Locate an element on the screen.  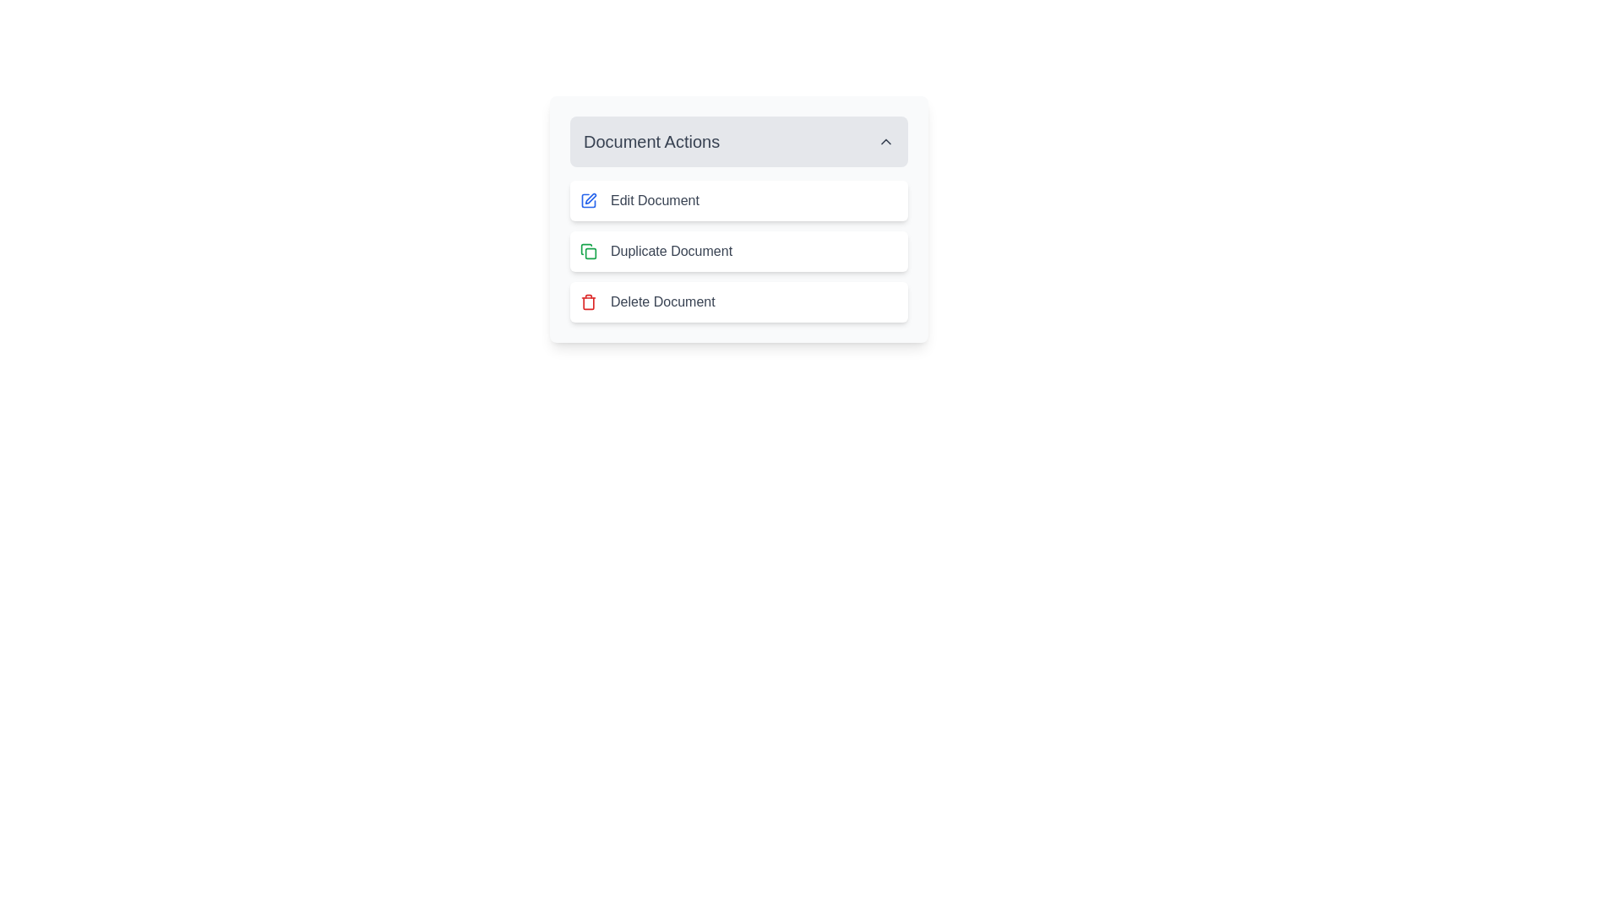
the first button in the vertical list under 'Document Actions' to enable accessibility features is located at coordinates (738, 218).